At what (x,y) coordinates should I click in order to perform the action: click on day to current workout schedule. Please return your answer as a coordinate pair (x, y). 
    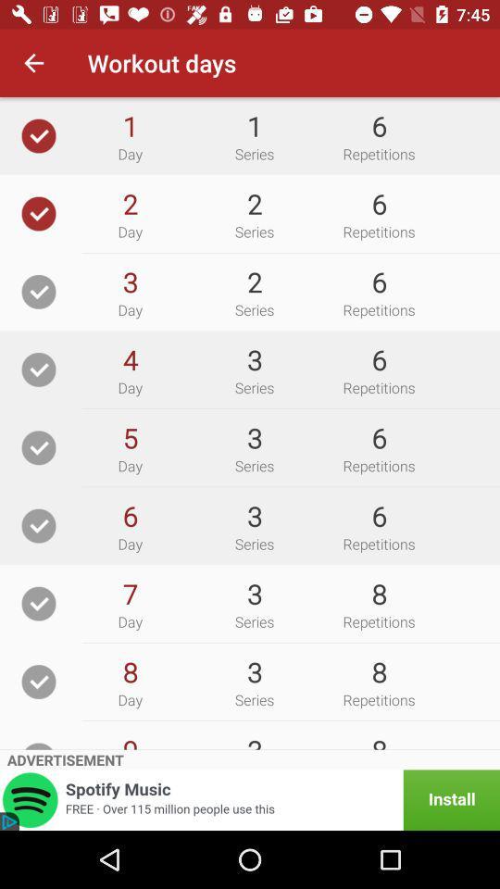
    Looking at the image, I should click on (39, 134).